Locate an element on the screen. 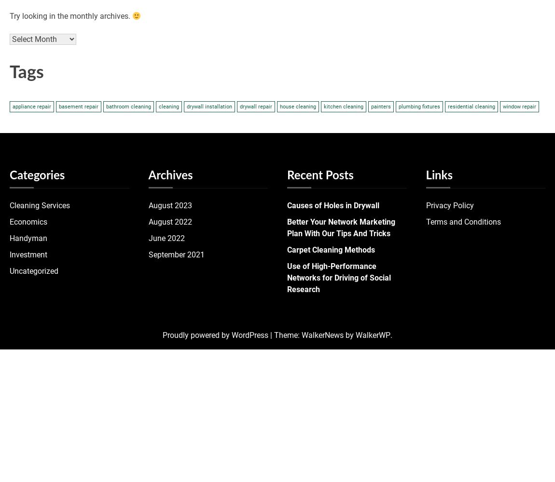 This screenshot has height=482, width=555. 'drywall installation' is located at coordinates (209, 106).